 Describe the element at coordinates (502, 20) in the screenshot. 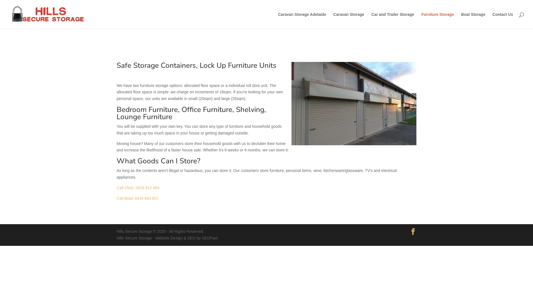

I see `'Contact Us'` at that location.